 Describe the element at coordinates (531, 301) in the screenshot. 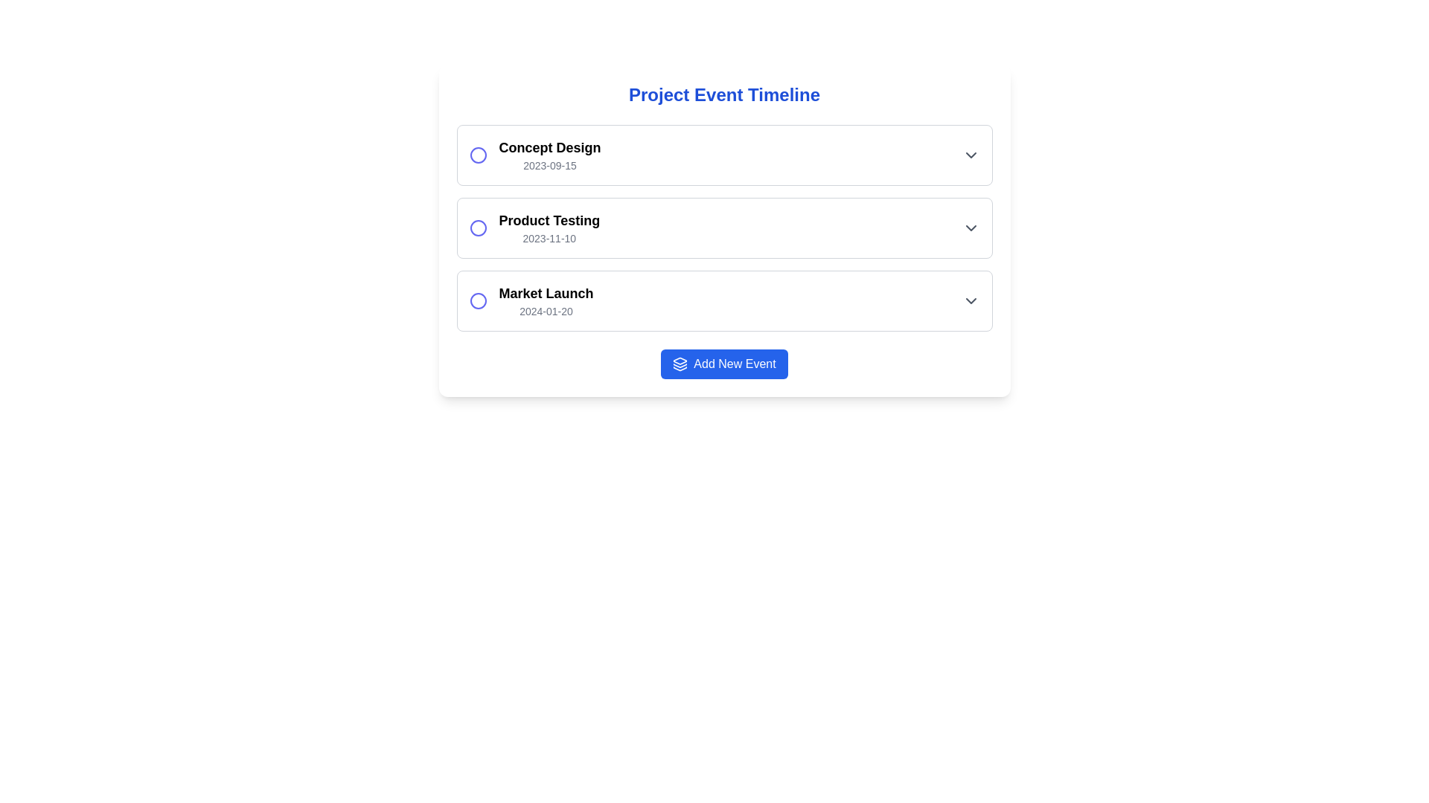

I see `the 'Market Launch' milestone item in the timeline list, which is the third item and located between 'Product Testing' and the 'Add New Event' button` at that location.